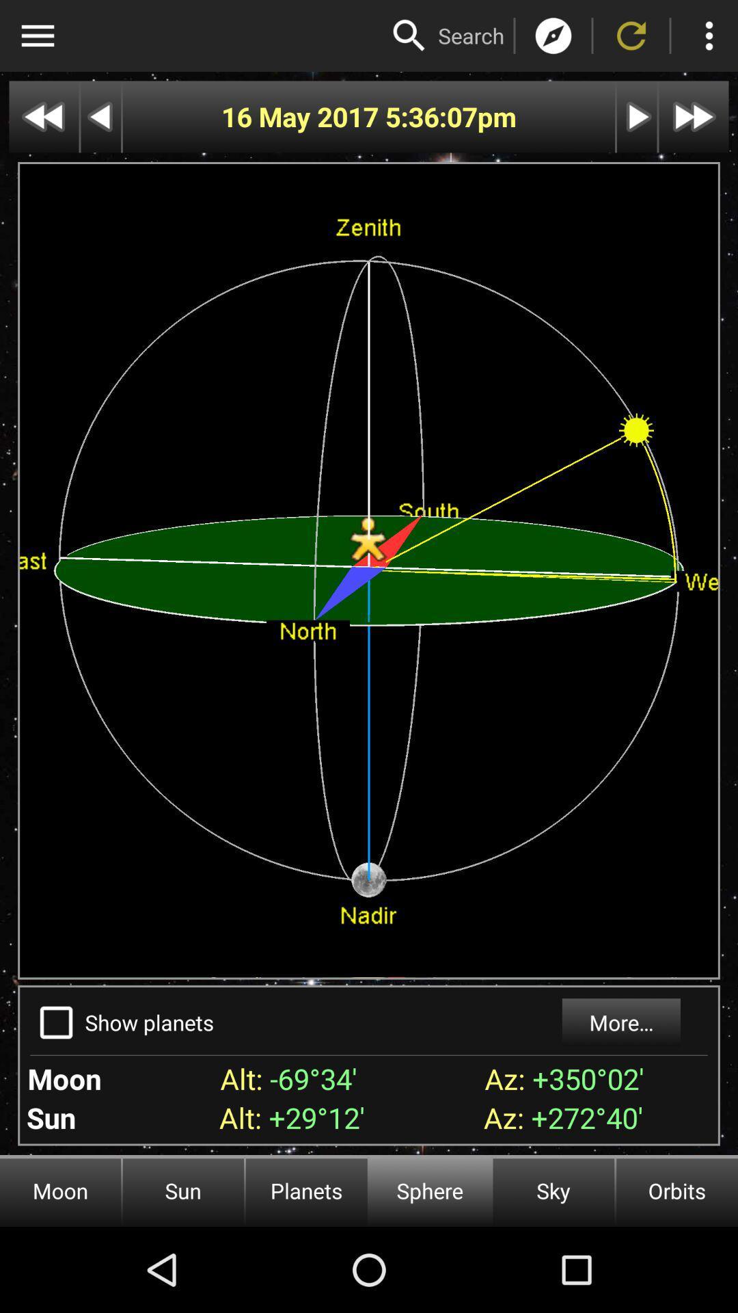 This screenshot has width=738, height=1313. I want to click on previous option, so click(100, 117).